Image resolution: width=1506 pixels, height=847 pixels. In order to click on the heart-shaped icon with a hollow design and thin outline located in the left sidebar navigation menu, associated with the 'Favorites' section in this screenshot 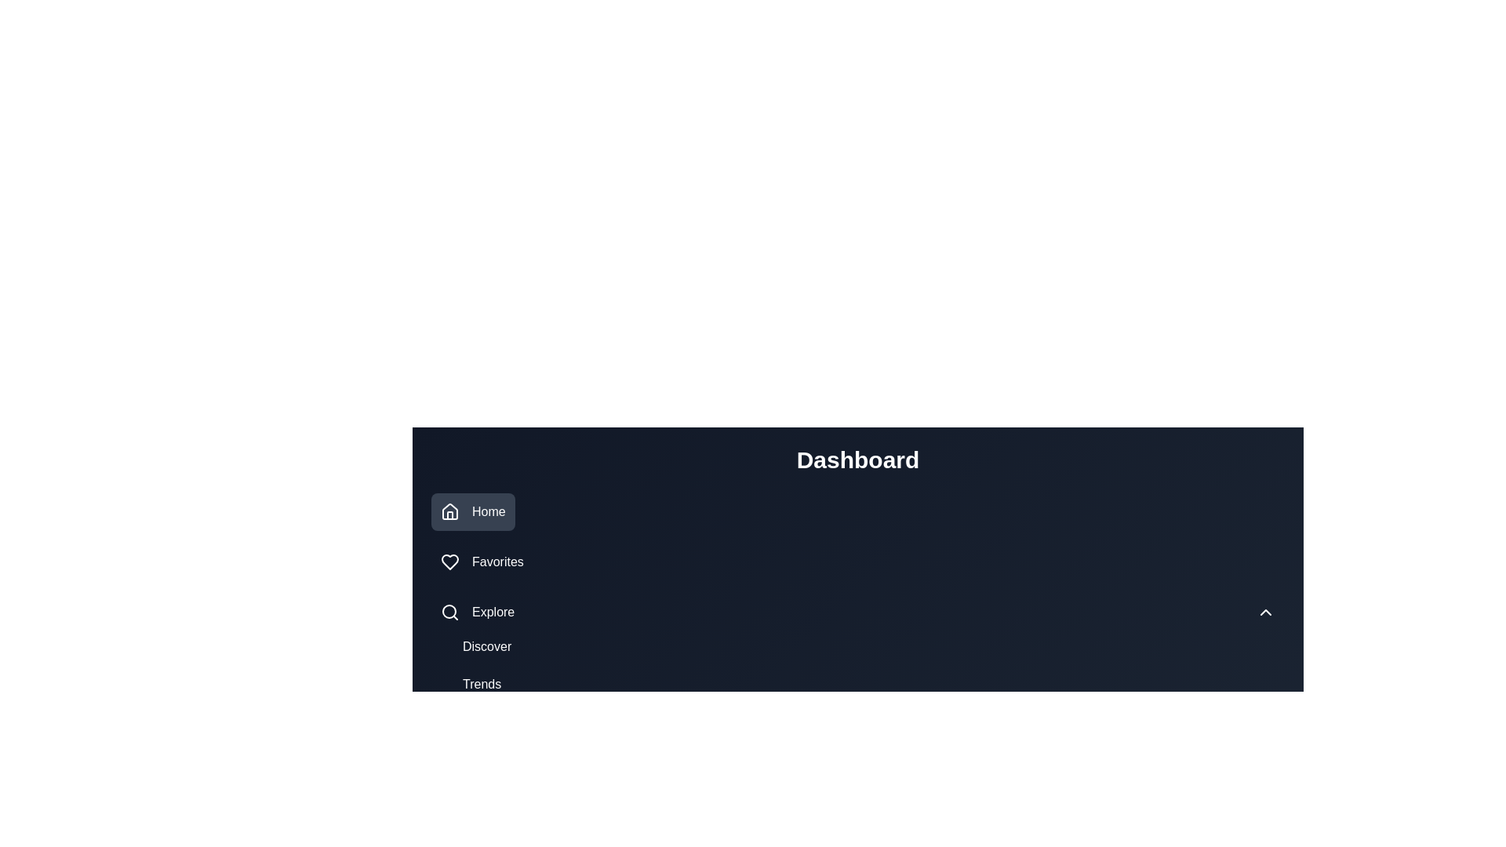, I will do `click(449, 562)`.